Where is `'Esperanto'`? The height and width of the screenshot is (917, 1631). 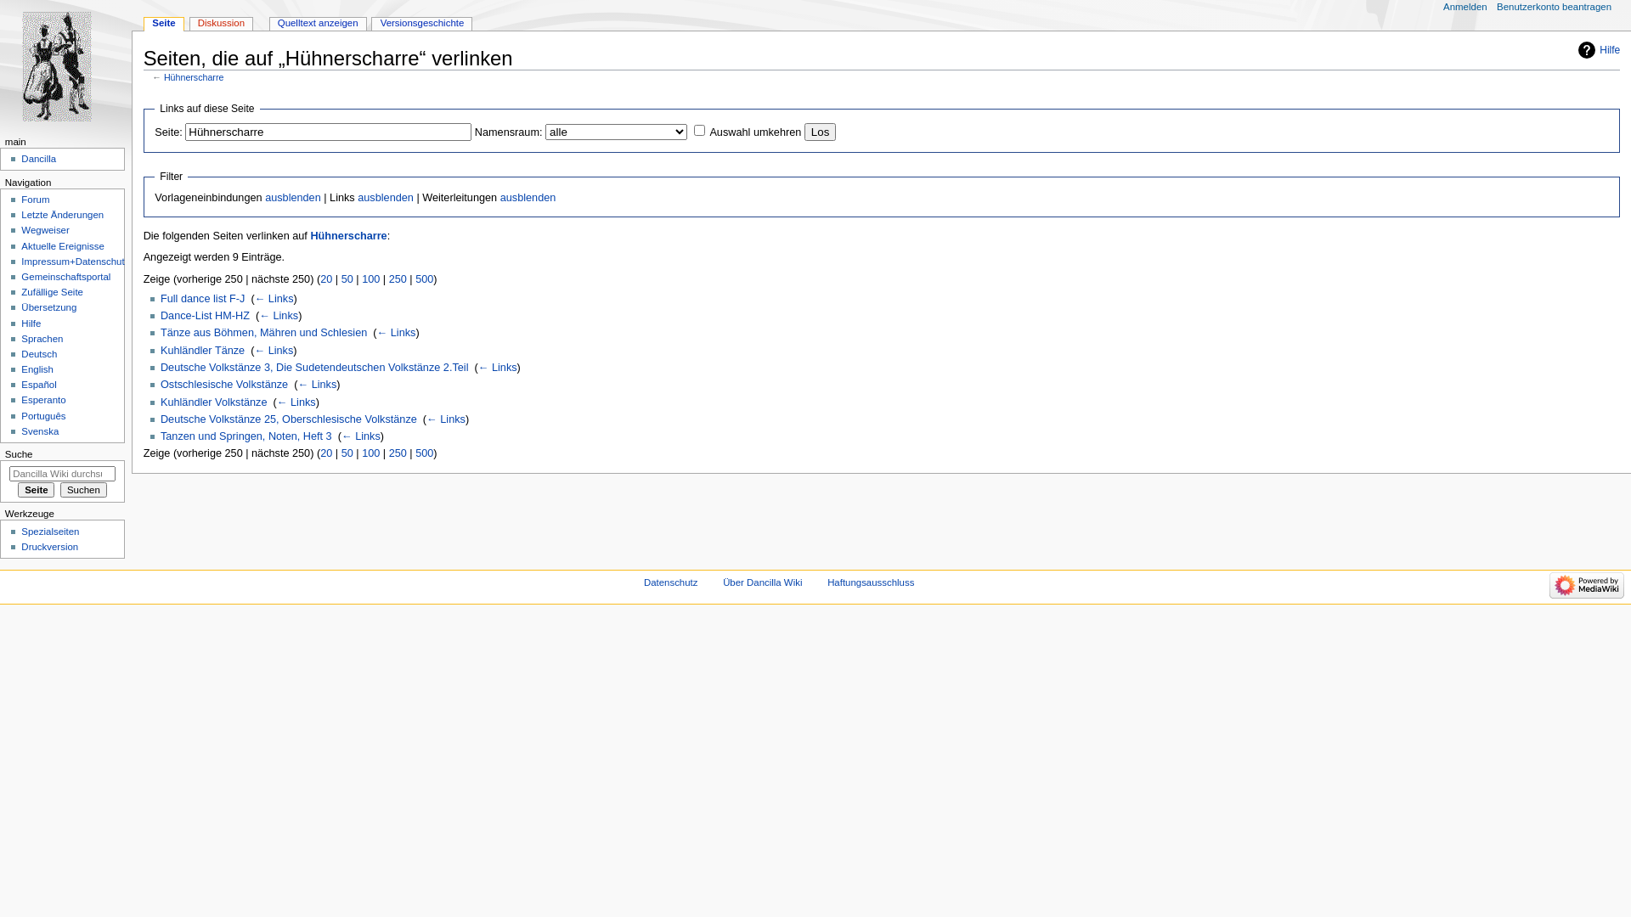
'Esperanto' is located at coordinates (43, 399).